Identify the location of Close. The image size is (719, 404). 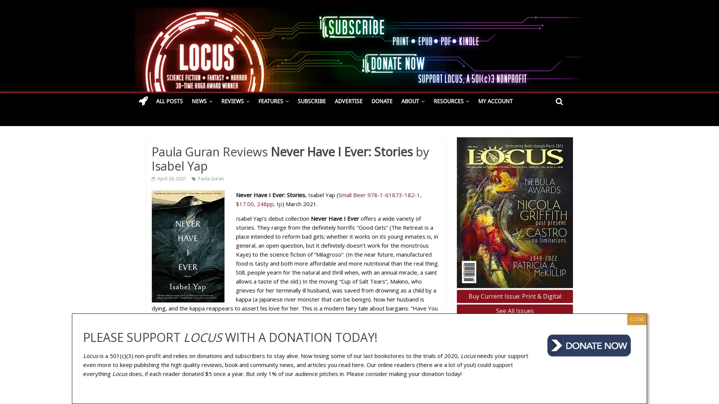
(636, 319).